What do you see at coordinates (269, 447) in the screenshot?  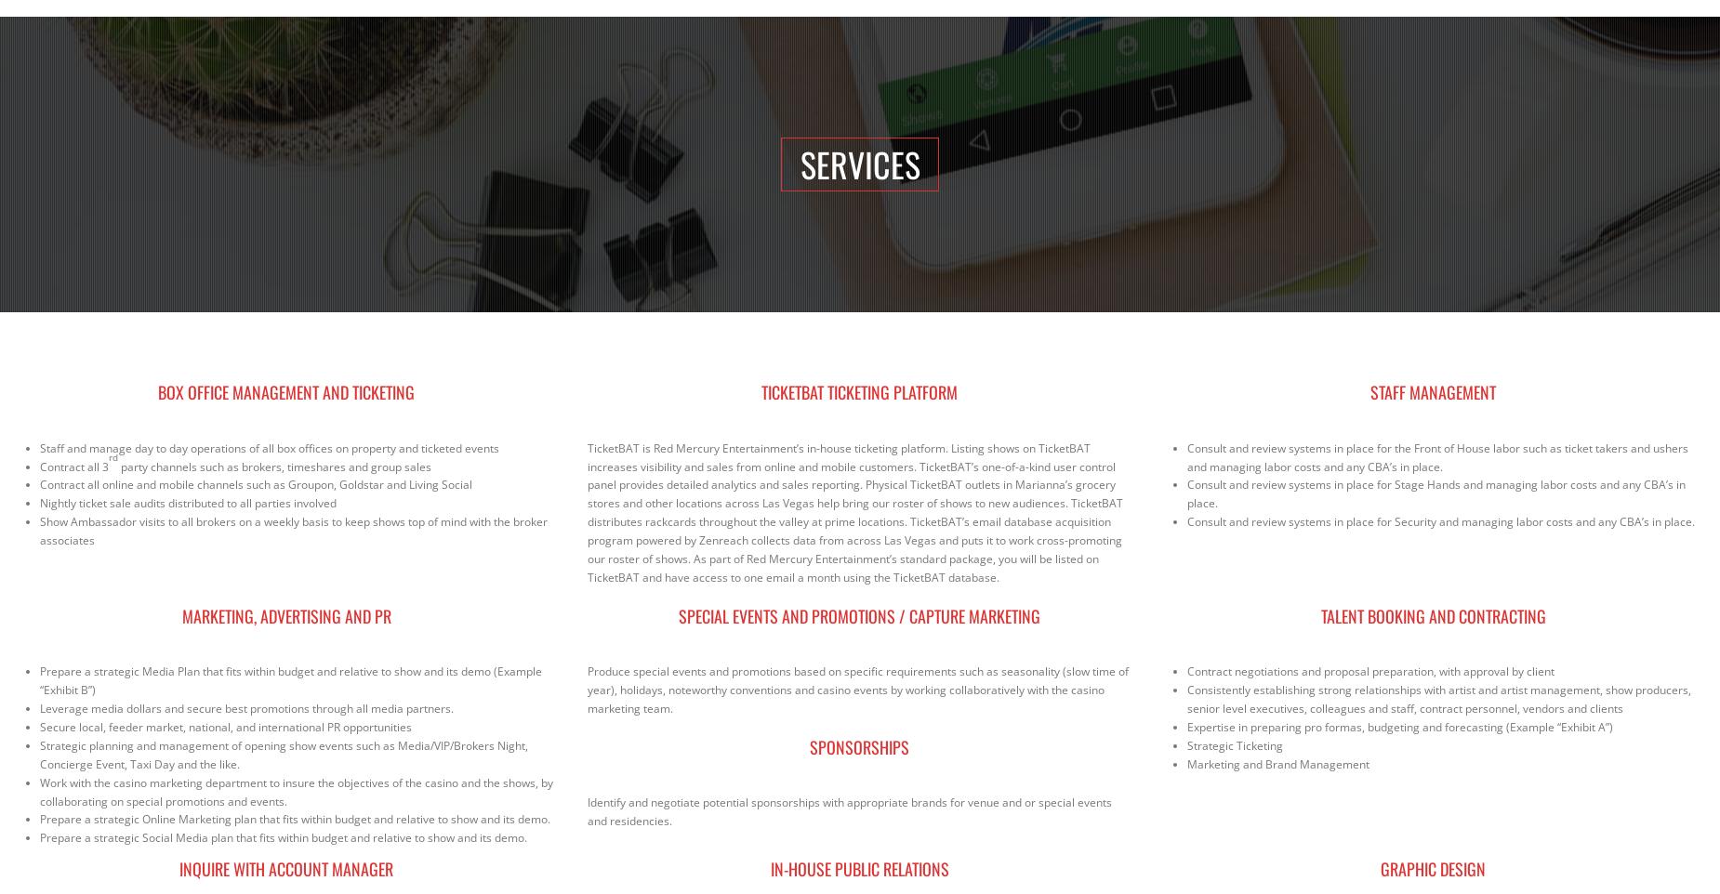 I see `'Staff and manage day to day operations of all box offices on property and ticketed events'` at bounding box center [269, 447].